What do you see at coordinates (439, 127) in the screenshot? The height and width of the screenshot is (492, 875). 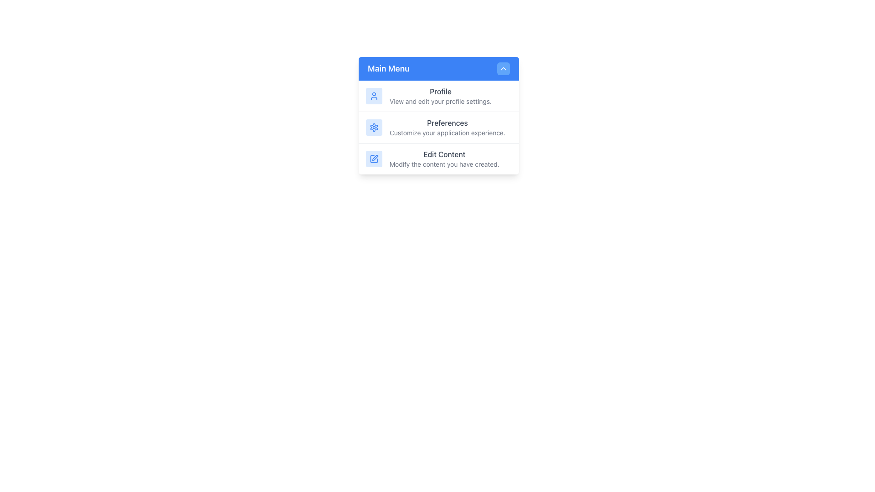 I see `the 'Preferences' list item featuring a gear icon in a blue circle` at bounding box center [439, 127].